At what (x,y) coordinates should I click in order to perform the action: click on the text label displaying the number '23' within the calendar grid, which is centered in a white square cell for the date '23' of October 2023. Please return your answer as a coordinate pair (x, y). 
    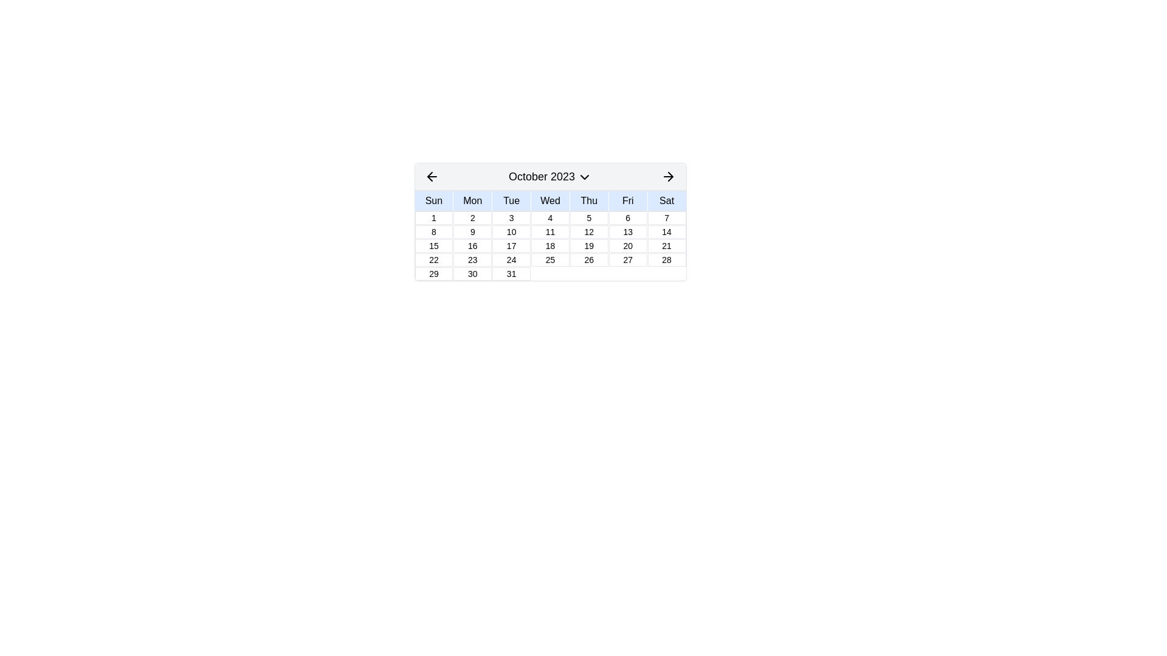
    Looking at the image, I should click on (472, 259).